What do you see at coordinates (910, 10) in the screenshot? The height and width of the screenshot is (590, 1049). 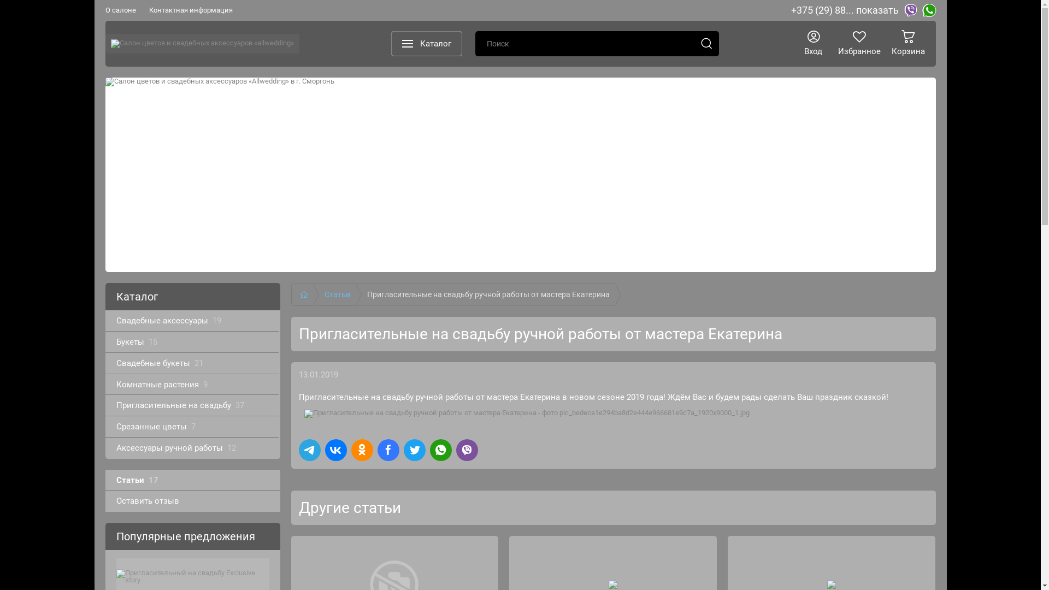 I see `'Viber'` at bounding box center [910, 10].